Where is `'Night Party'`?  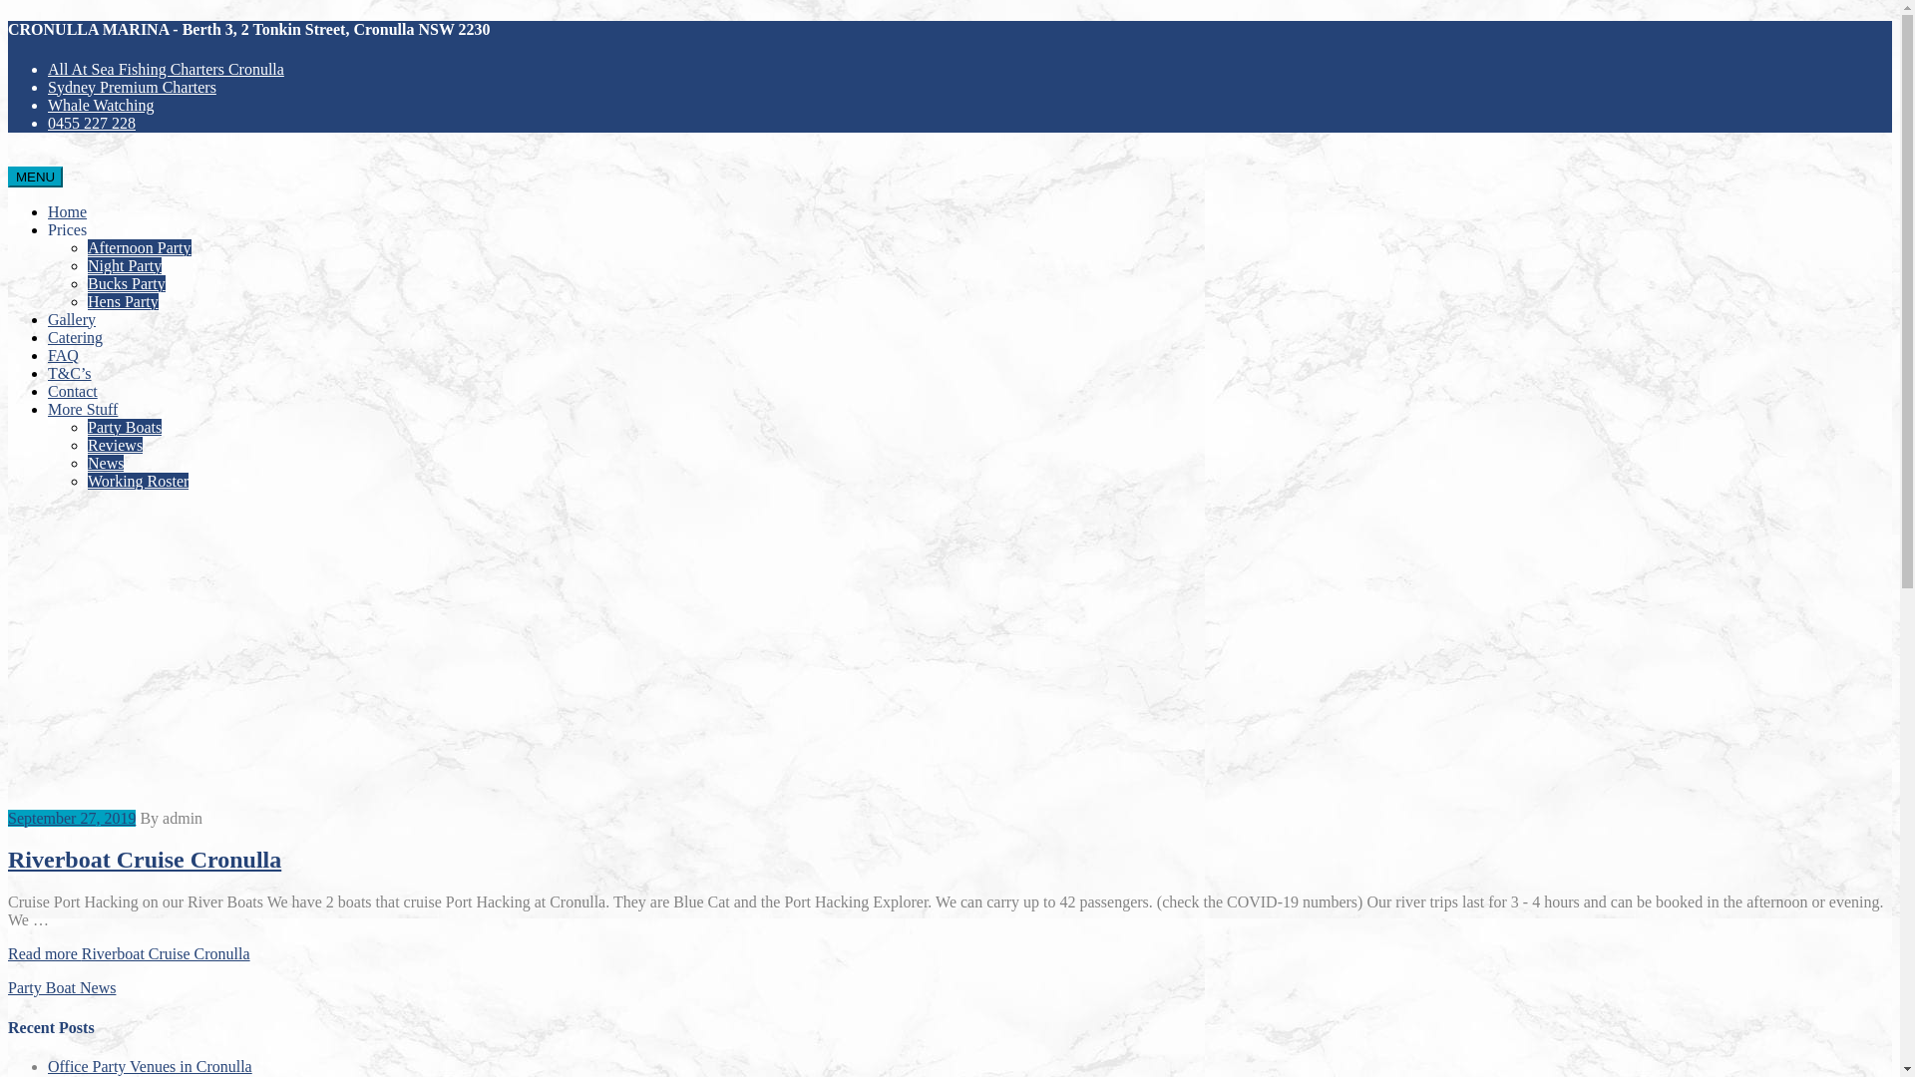 'Night Party' is located at coordinates (86, 264).